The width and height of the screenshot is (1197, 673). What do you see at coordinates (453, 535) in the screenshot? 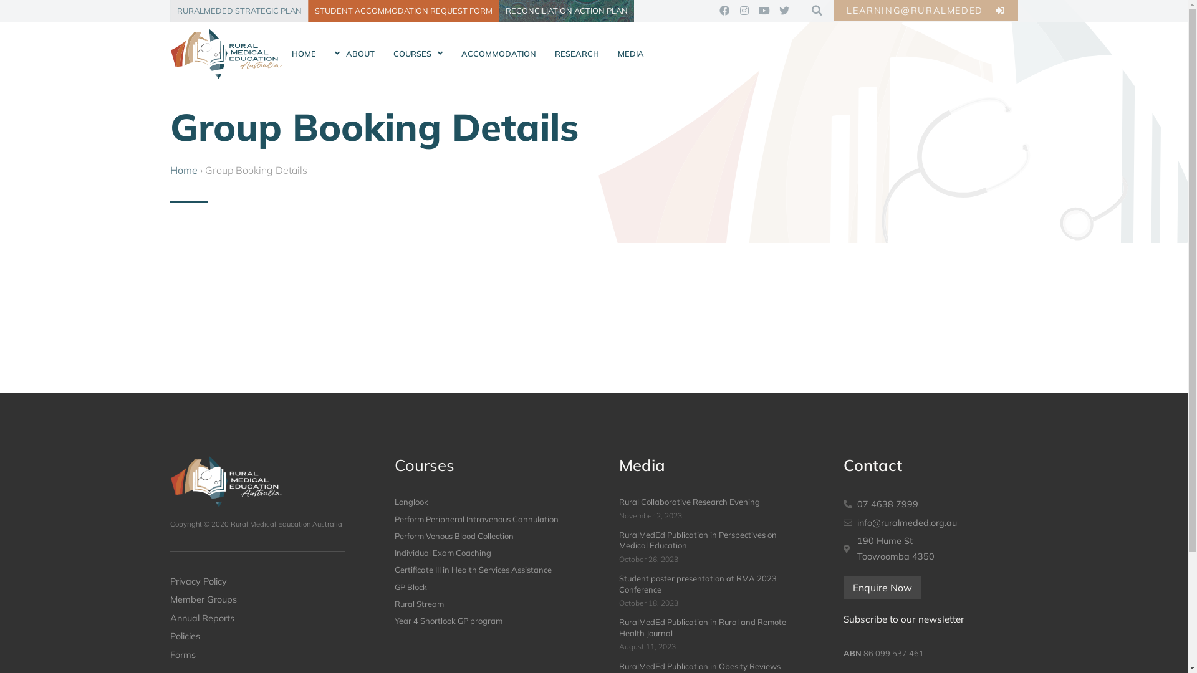
I see `'Perform Venous Blood Collection'` at bounding box center [453, 535].